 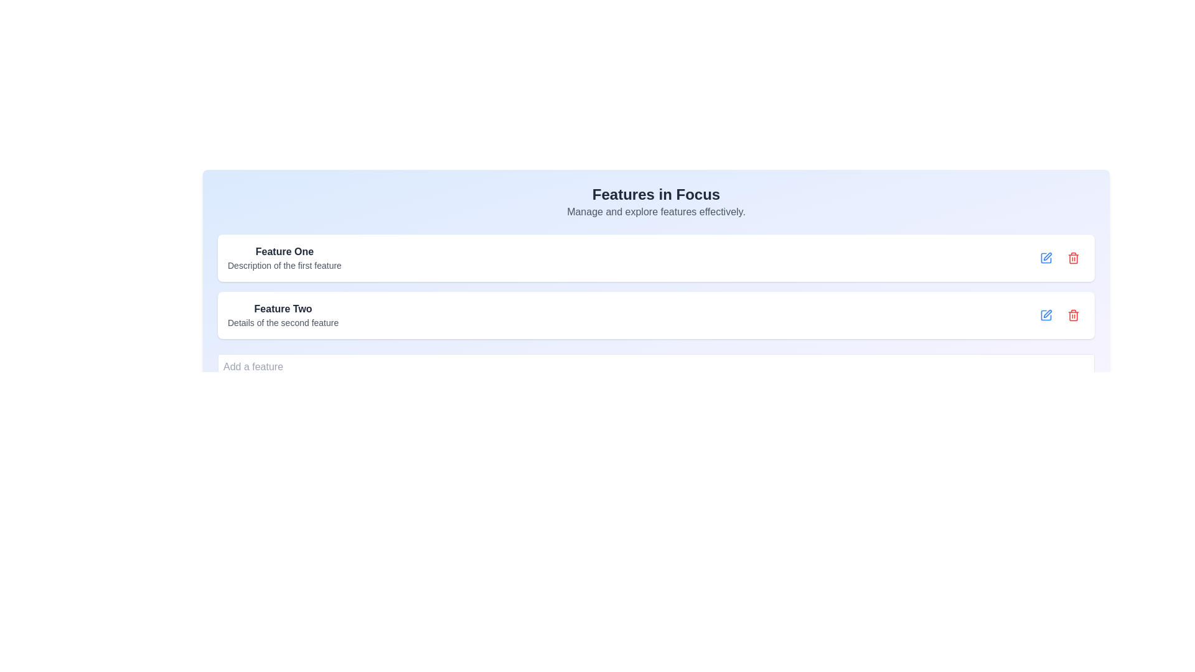 What do you see at coordinates (655, 381) in the screenshot?
I see `the 'Add Feature' button located at the bottom section of the feature management card to activate the hover effect` at bounding box center [655, 381].